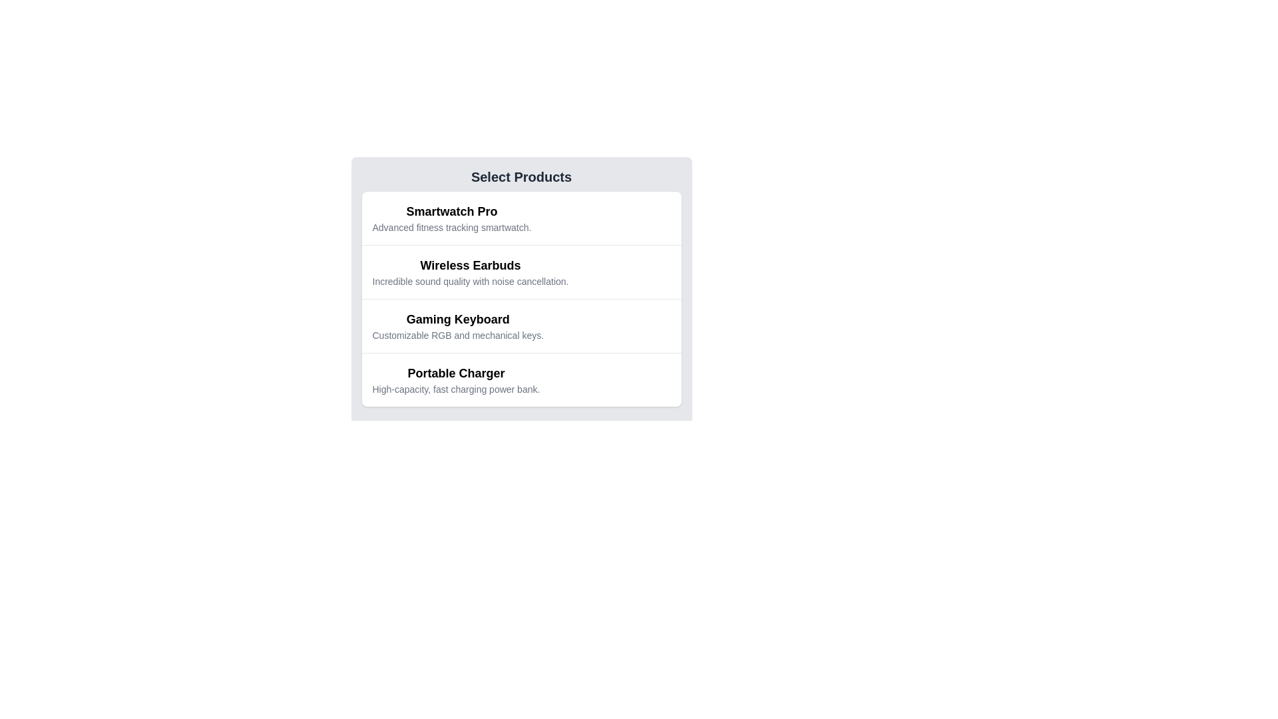 This screenshot has height=719, width=1278. Describe the element at coordinates (451, 210) in the screenshot. I see `the text label 'Smartwatch Pro', which is the title of the first product in the 'Select Products' list, distinguished by its bold font and larger size` at that location.